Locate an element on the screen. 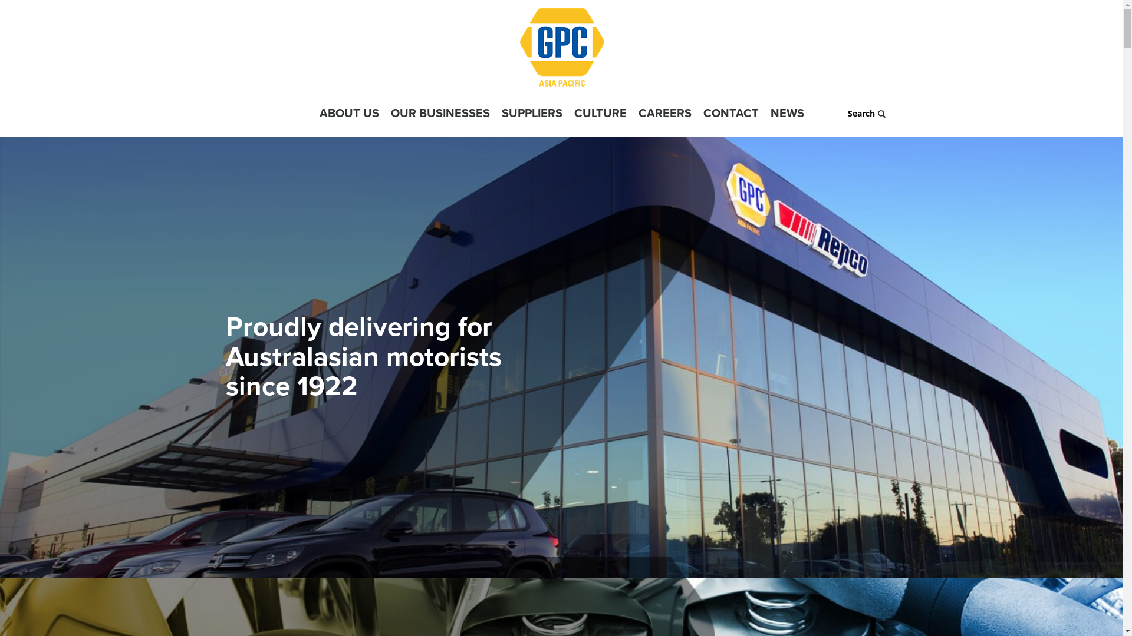  'SUPPLIERS' is located at coordinates (537, 115).